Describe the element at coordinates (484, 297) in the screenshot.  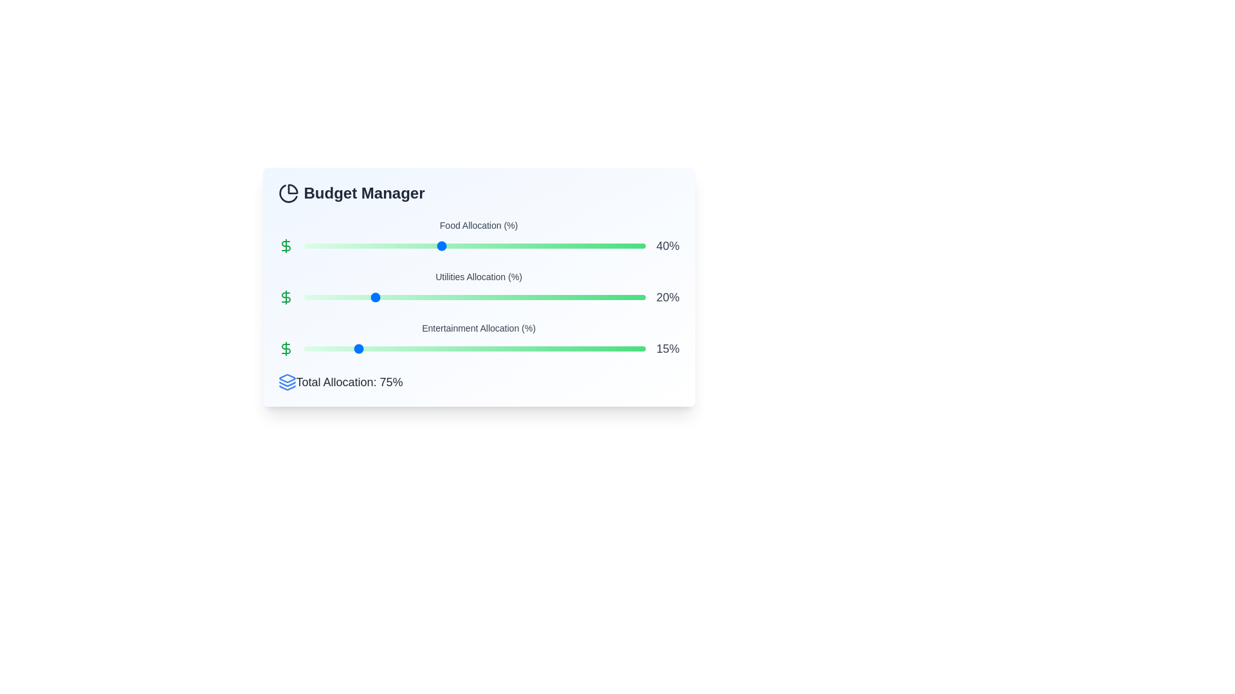
I see `the Utilities Allocation slider to 53%` at that location.